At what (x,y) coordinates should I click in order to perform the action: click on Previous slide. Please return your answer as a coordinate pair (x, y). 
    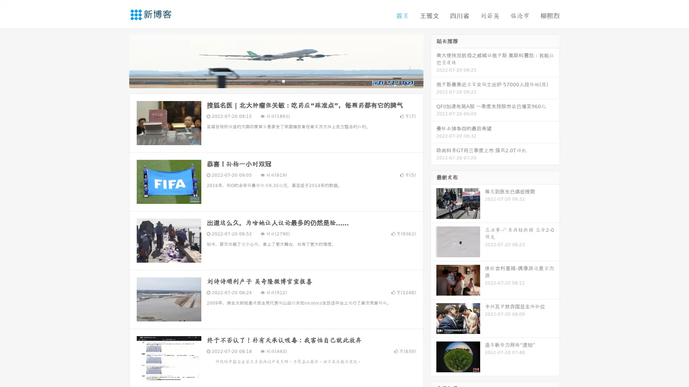
    Looking at the image, I should click on (118, 60).